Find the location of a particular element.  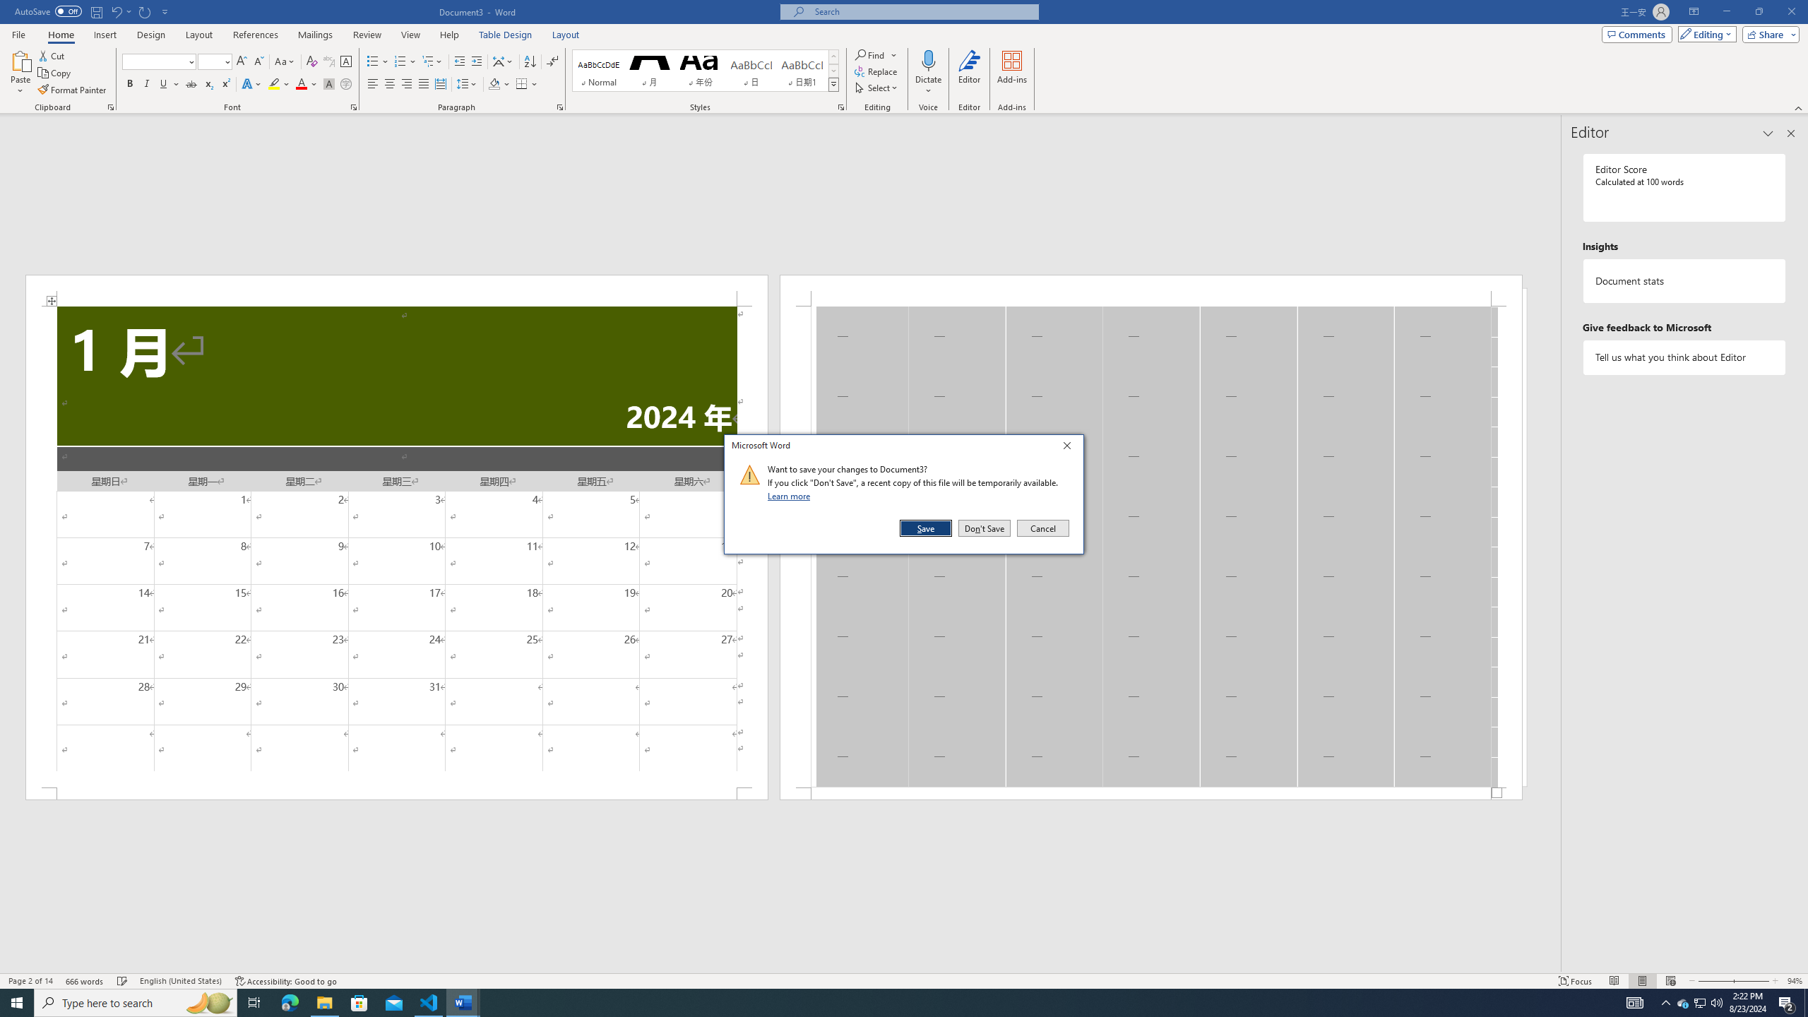

'Dictate' is located at coordinates (927, 59).